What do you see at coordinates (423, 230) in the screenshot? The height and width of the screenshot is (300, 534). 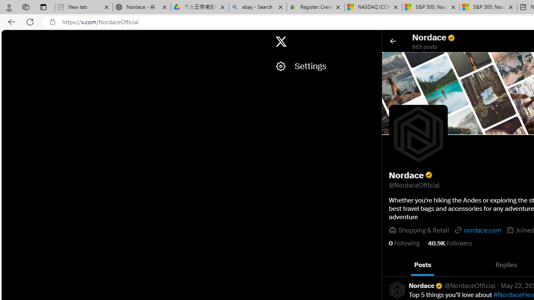 I see `'Shopping & Retail'` at bounding box center [423, 230].